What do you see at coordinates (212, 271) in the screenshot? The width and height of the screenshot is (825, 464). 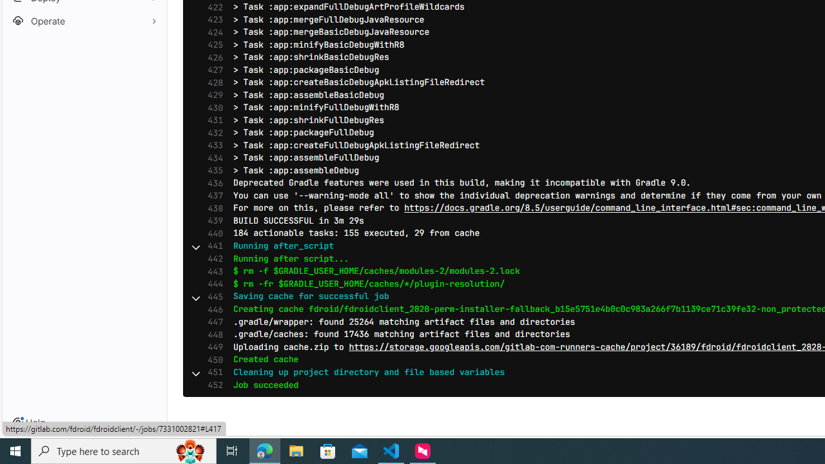 I see `'443'` at bounding box center [212, 271].